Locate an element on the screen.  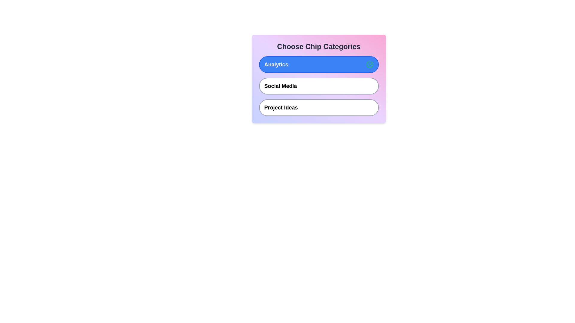
the chip labeled Project Ideas is located at coordinates (318, 107).